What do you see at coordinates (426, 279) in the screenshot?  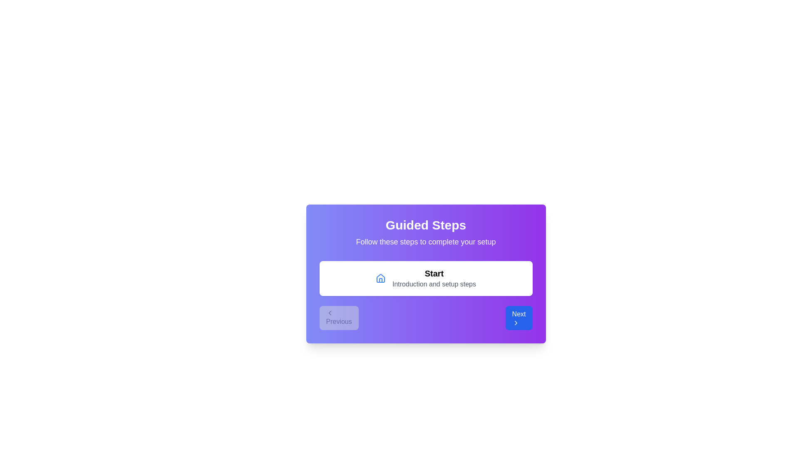 I see `the button label located below the 'Guided Steps' heading and above the 'Previous' and 'Next' navigation buttons` at bounding box center [426, 279].